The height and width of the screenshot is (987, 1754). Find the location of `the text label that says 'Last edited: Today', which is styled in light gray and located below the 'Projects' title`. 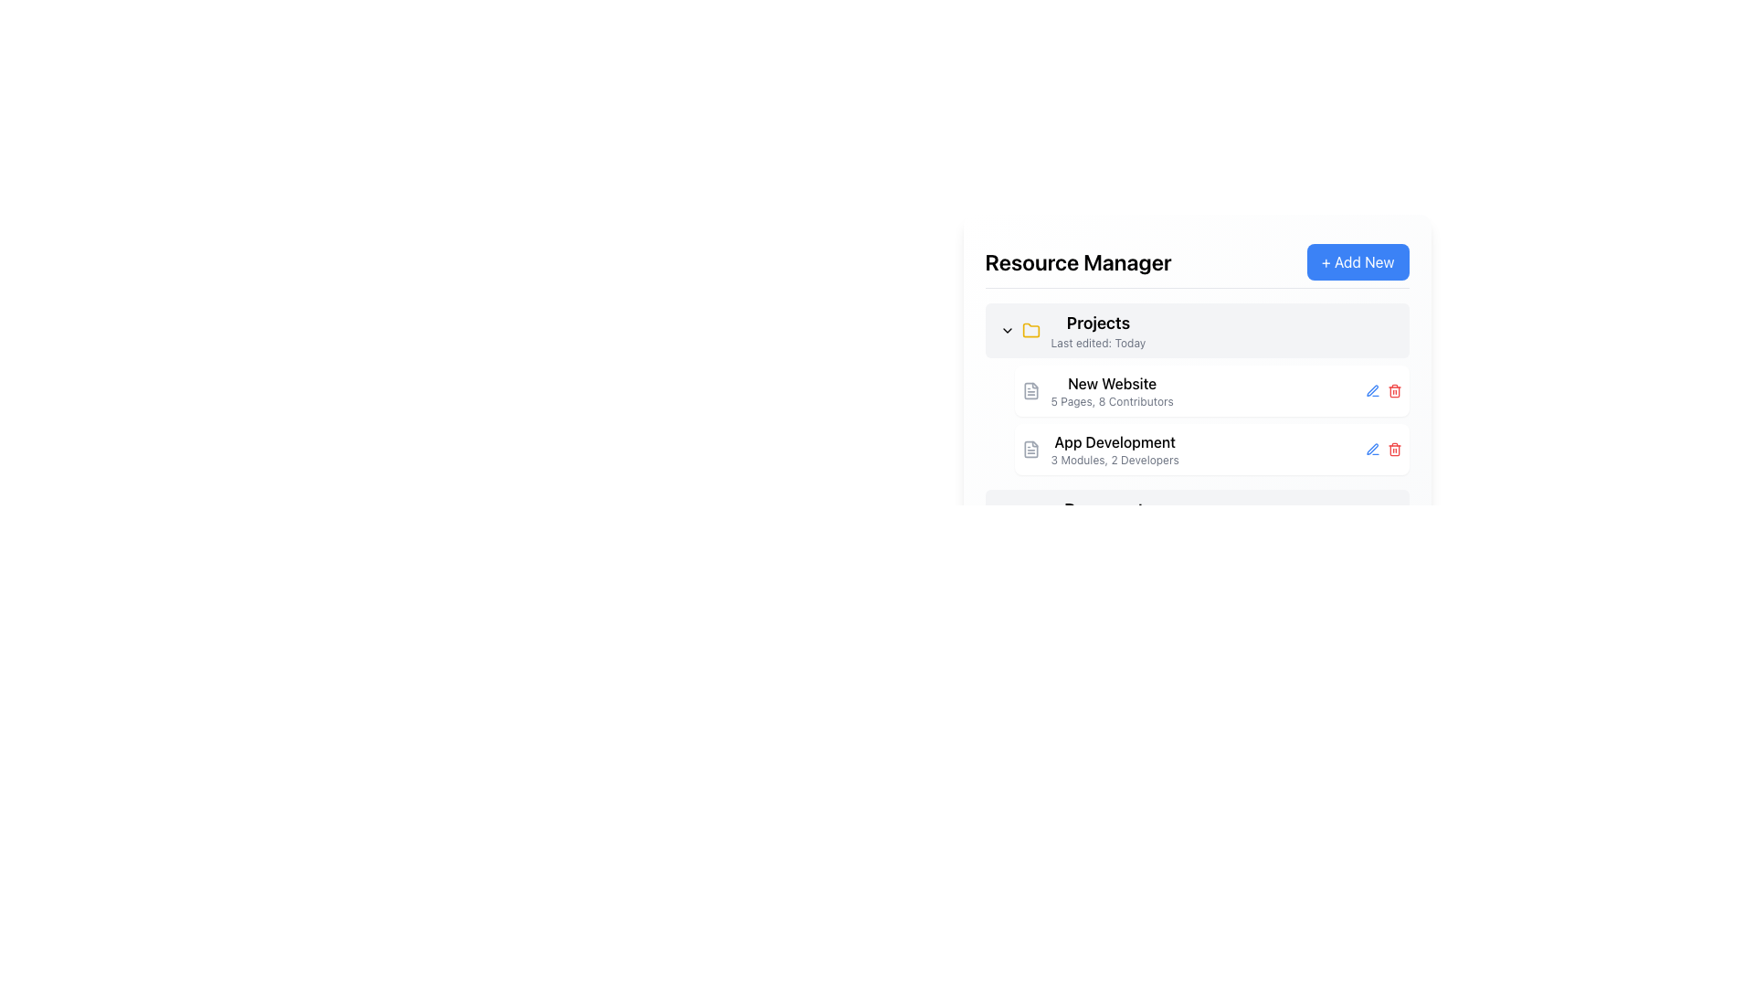

the text label that says 'Last edited: Today', which is styled in light gray and located below the 'Projects' title is located at coordinates (1097, 343).